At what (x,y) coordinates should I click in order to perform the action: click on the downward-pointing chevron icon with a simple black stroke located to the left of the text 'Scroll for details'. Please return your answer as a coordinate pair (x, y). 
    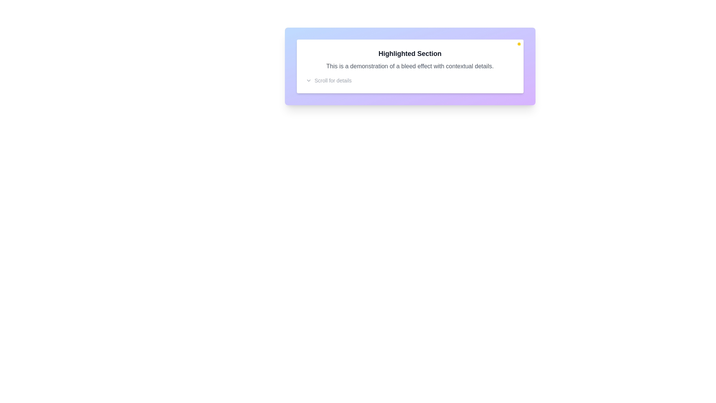
    Looking at the image, I should click on (308, 81).